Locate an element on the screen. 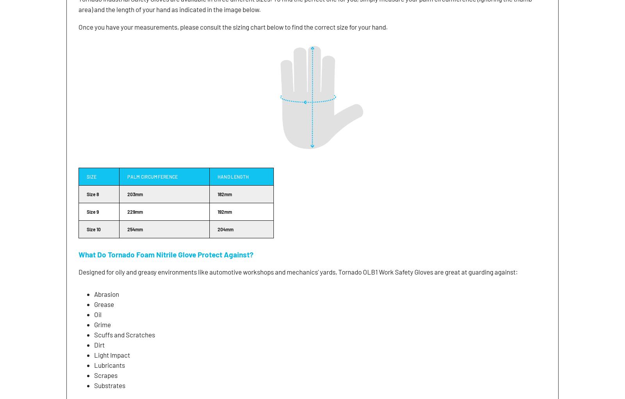  'Scrapes' is located at coordinates (94, 375).